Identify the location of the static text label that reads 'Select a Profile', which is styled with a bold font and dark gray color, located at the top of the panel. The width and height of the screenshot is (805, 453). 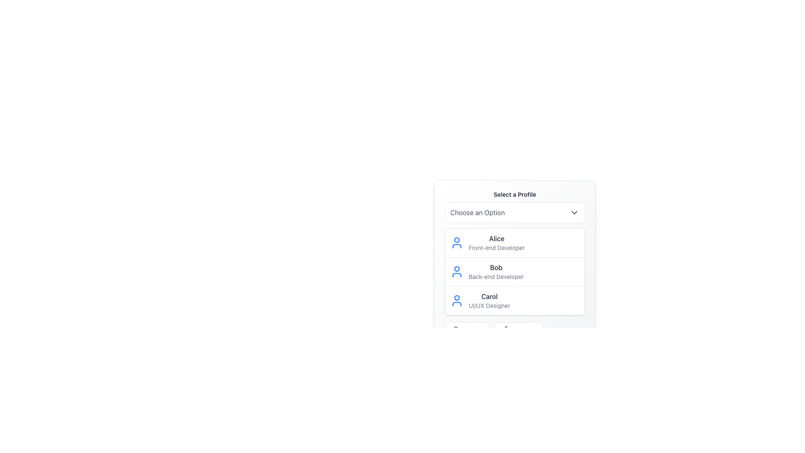
(514, 194).